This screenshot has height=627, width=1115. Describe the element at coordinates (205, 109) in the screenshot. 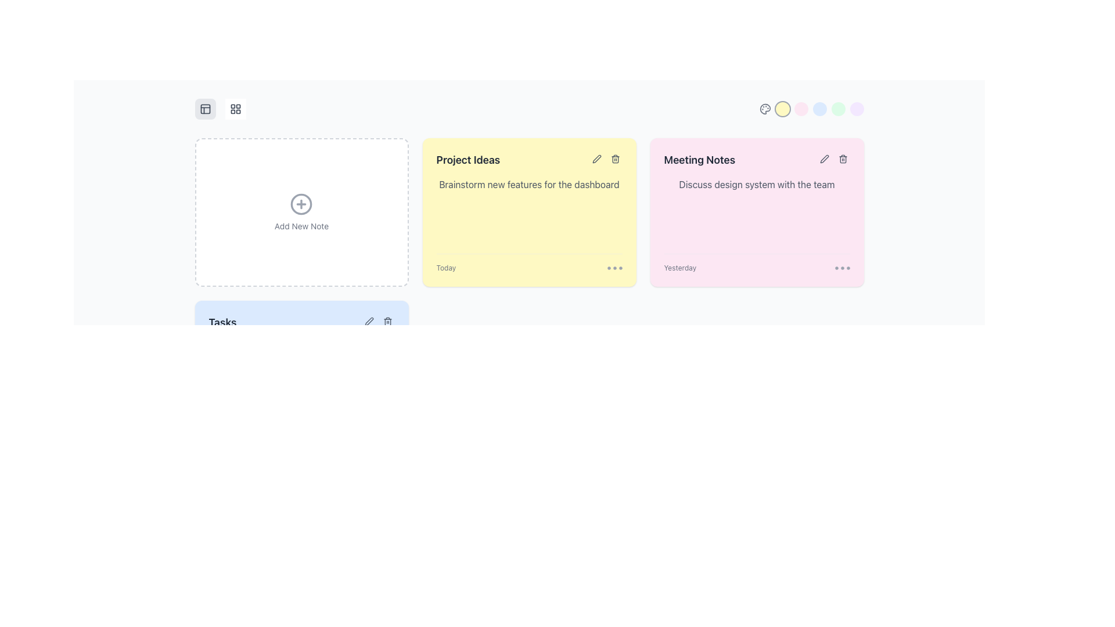

I see `the icon button that resembles a panel or layout with shaded sections, located at the top-left corner of the interface area` at that location.